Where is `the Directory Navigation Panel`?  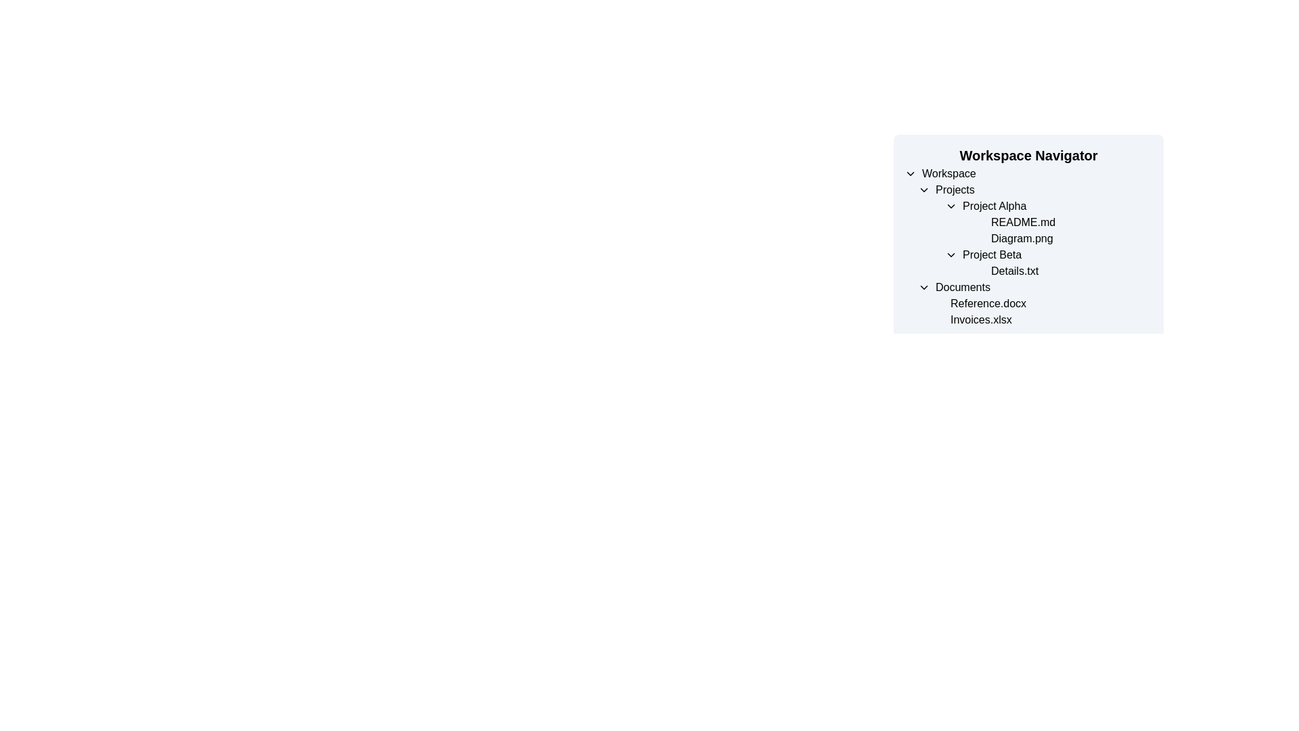
the Directory Navigation Panel is located at coordinates (1028, 247).